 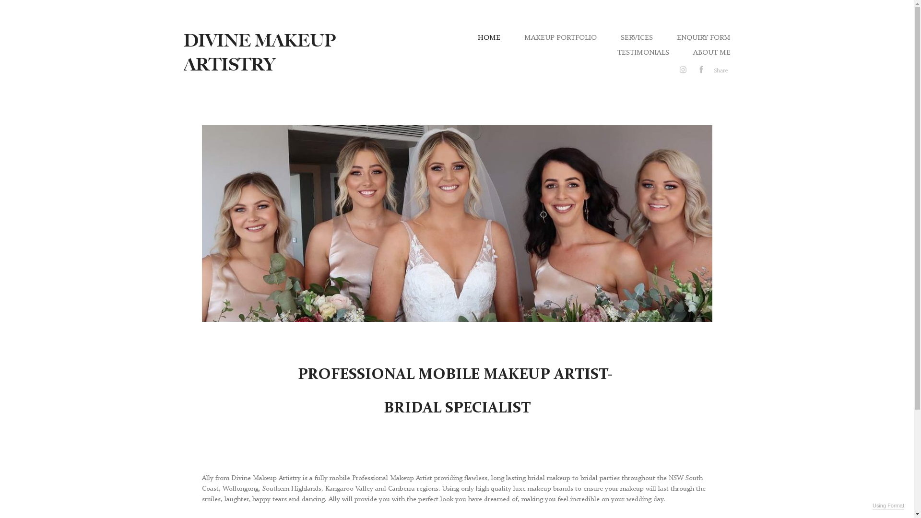 I want to click on 'ENQUIRY FORM', so click(x=676, y=36).